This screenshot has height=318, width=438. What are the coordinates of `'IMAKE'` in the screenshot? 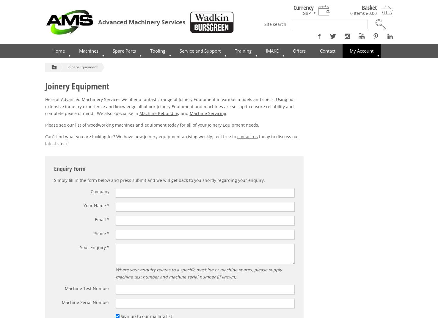 It's located at (271, 51).